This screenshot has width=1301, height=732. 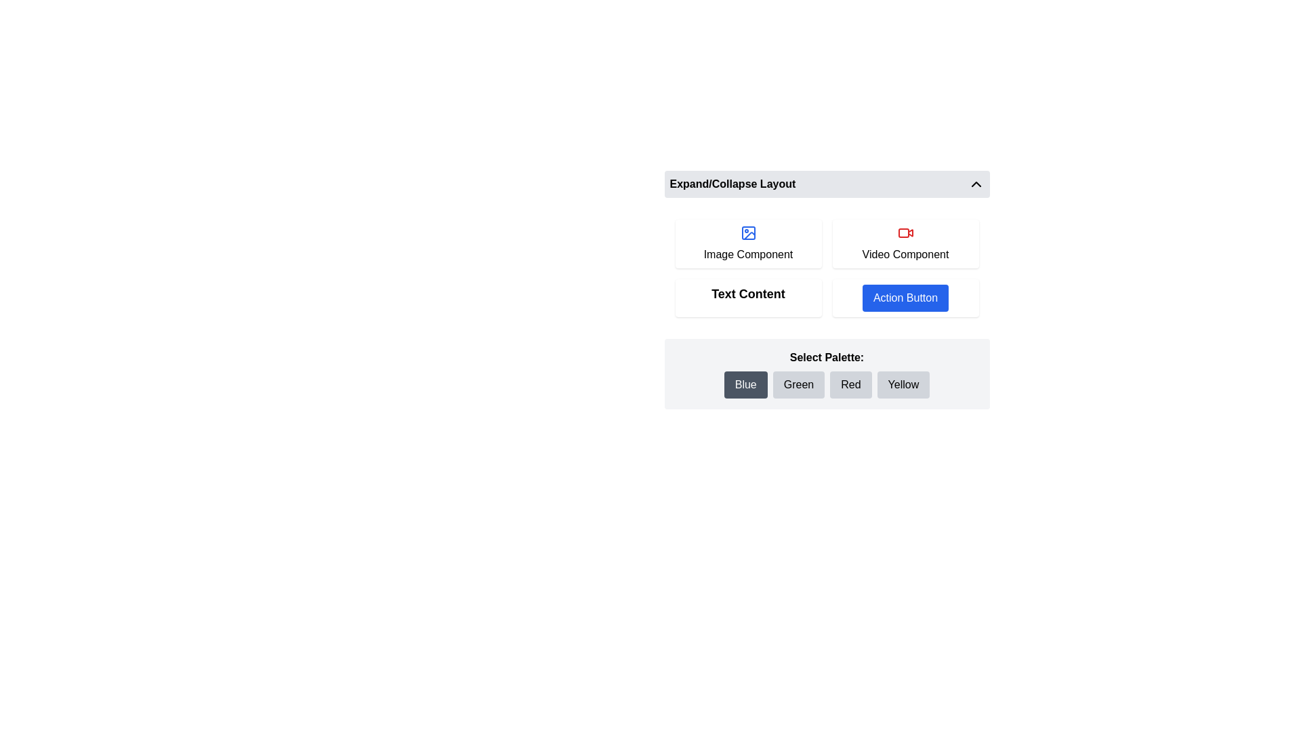 What do you see at coordinates (747, 232) in the screenshot?
I see `the Shape element located inside the leftmost icon within the row of component types labeled 'Image Component'` at bounding box center [747, 232].